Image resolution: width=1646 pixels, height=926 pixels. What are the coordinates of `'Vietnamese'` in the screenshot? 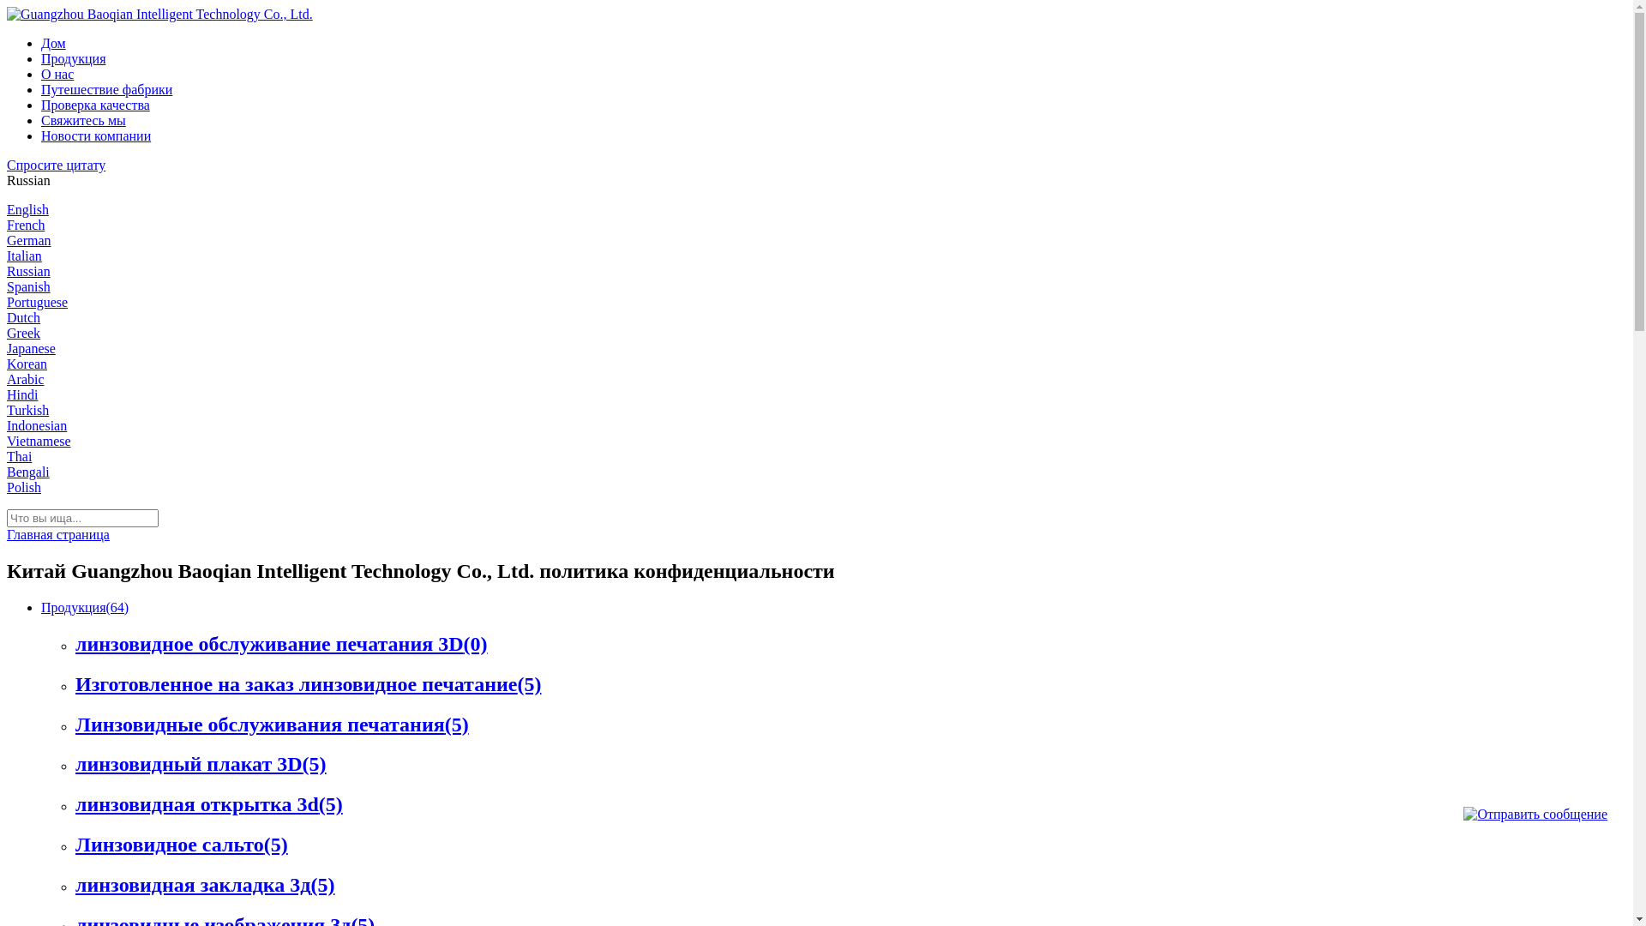 It's located at (39, 440).